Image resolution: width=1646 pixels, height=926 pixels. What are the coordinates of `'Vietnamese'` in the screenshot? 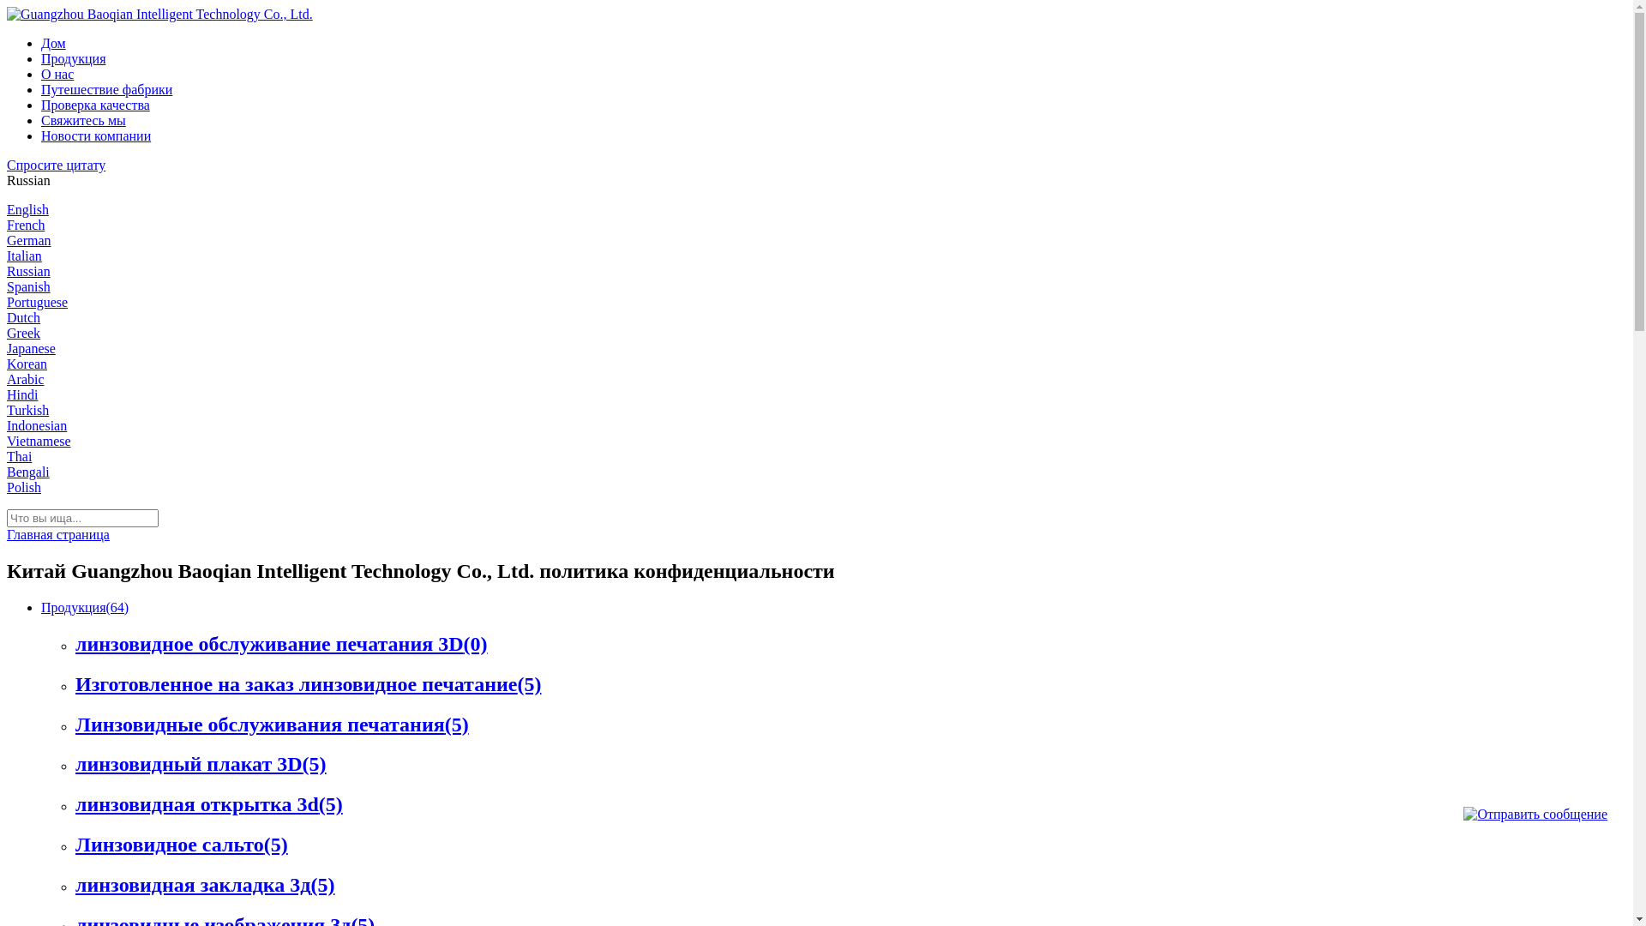 It's located at (39, 440).